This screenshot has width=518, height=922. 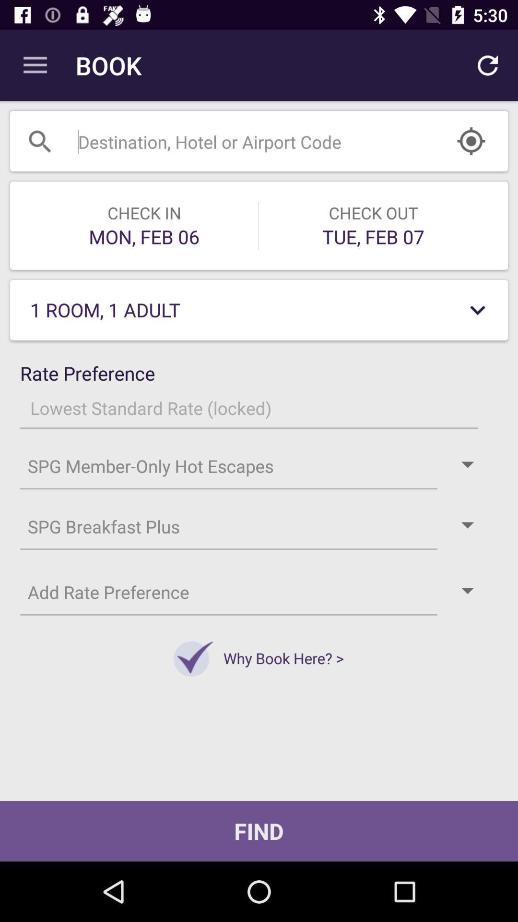 What do you see at coordinates (259, 140) in the screenshot?
I see `the search bar` at bounding box center [259, 140].